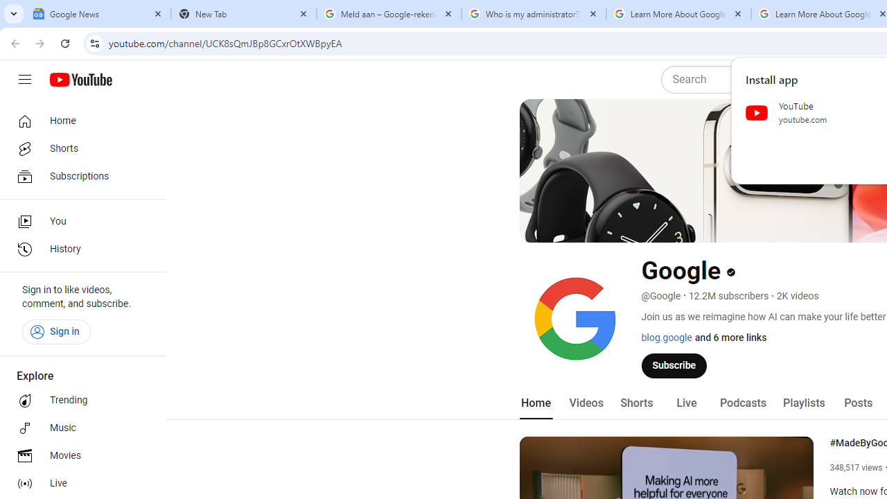 The height and width of the screenshot is (499, 887). Describe the element at coordinates (24, 80) in the screenshot. I see `'Guide'` at that location.